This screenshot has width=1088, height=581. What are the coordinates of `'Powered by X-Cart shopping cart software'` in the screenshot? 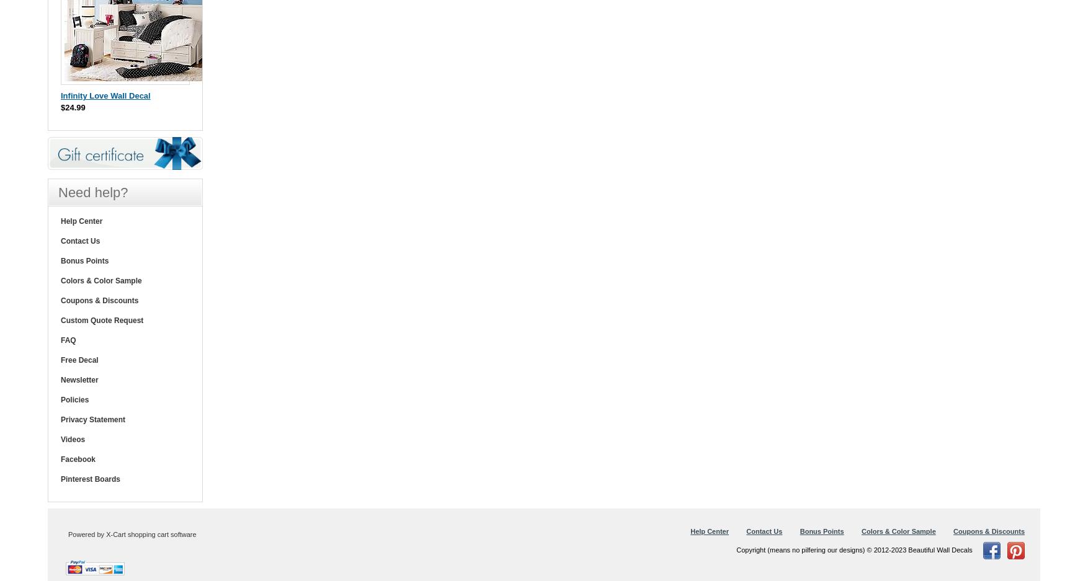 It's located at (132, 534).